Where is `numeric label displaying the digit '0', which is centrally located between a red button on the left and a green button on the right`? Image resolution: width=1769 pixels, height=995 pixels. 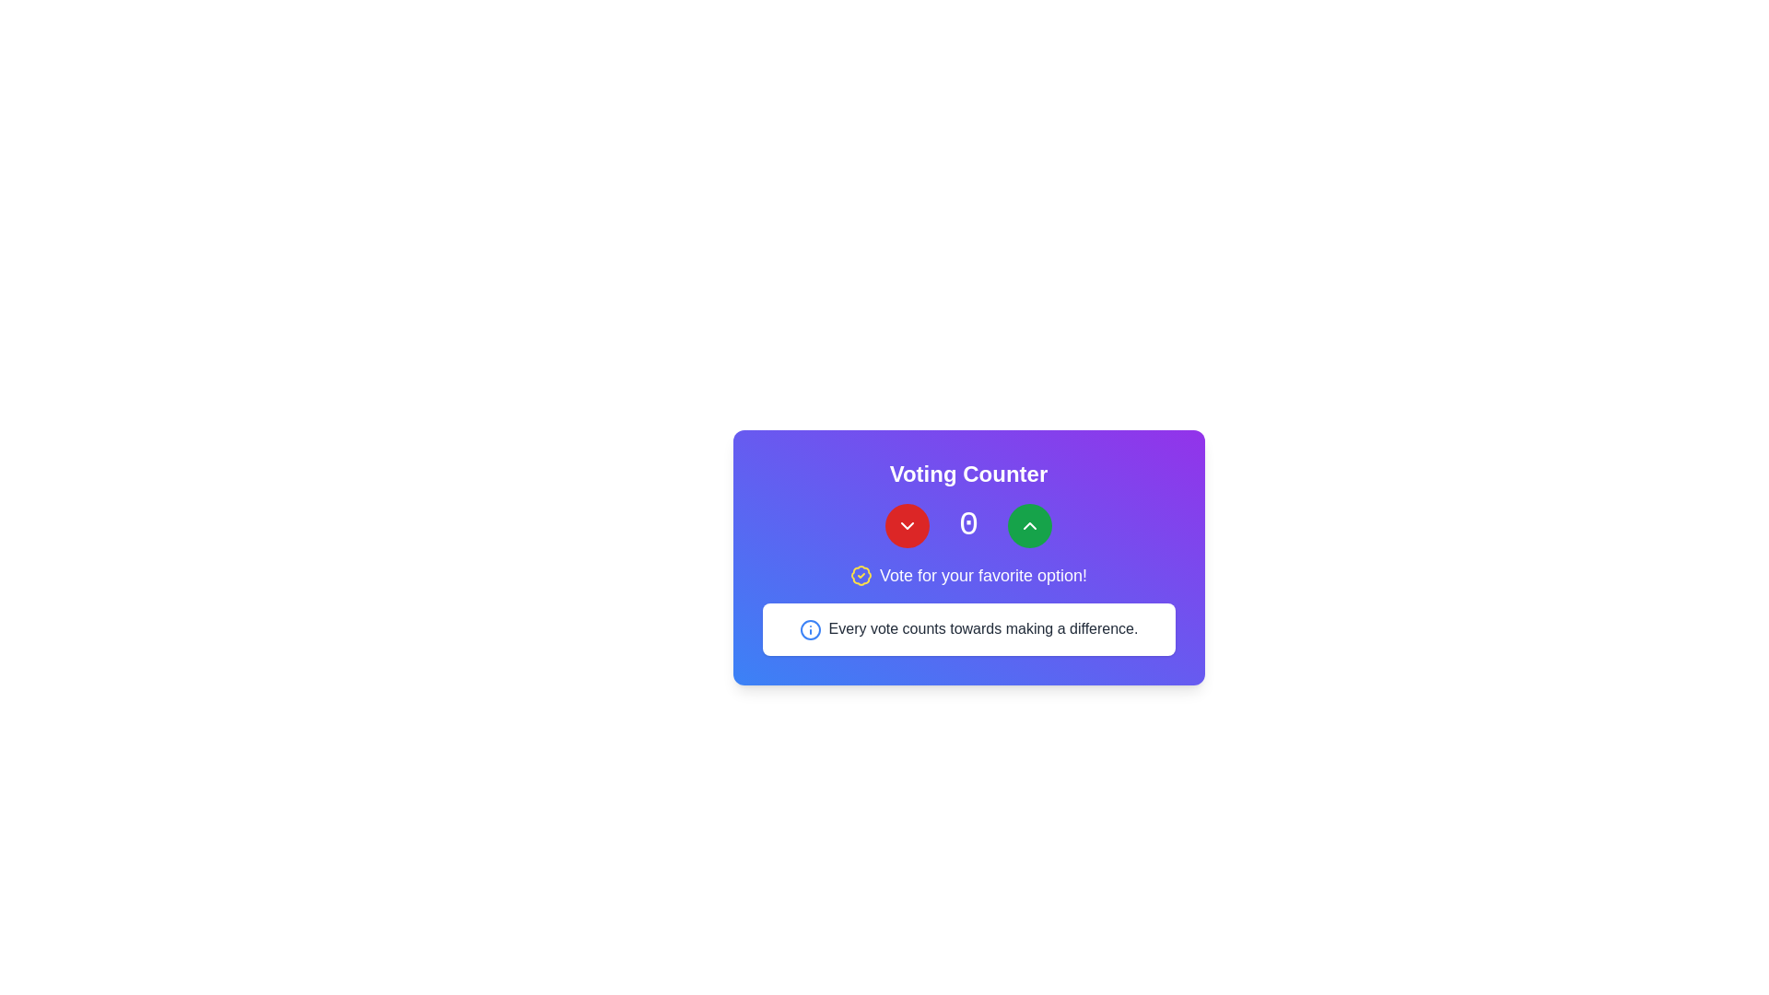
numeric label displaying the digit '0', which is centrally located between a red button on the left and a green button on the right is located at coordinates (967, 525).